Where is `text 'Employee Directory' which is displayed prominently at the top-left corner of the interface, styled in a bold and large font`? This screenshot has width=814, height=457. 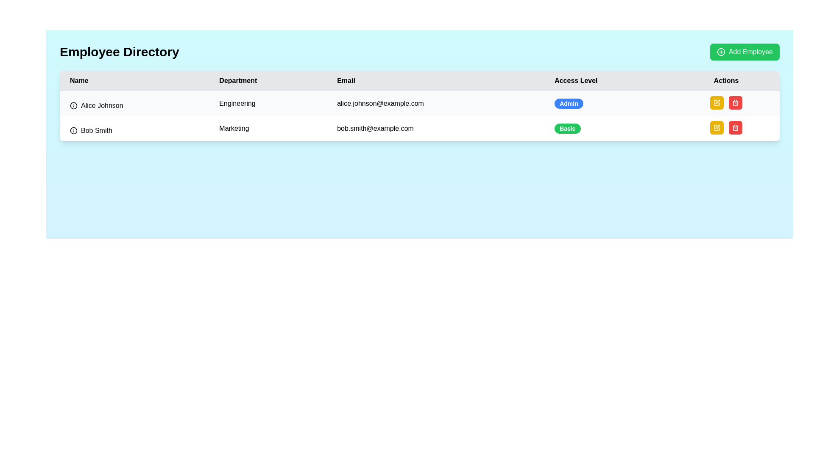 text 'Employee Directory' which is displayed prominently at the top-left corner of the interface, styled in a bold and large font is located at coordinates (119, 52).